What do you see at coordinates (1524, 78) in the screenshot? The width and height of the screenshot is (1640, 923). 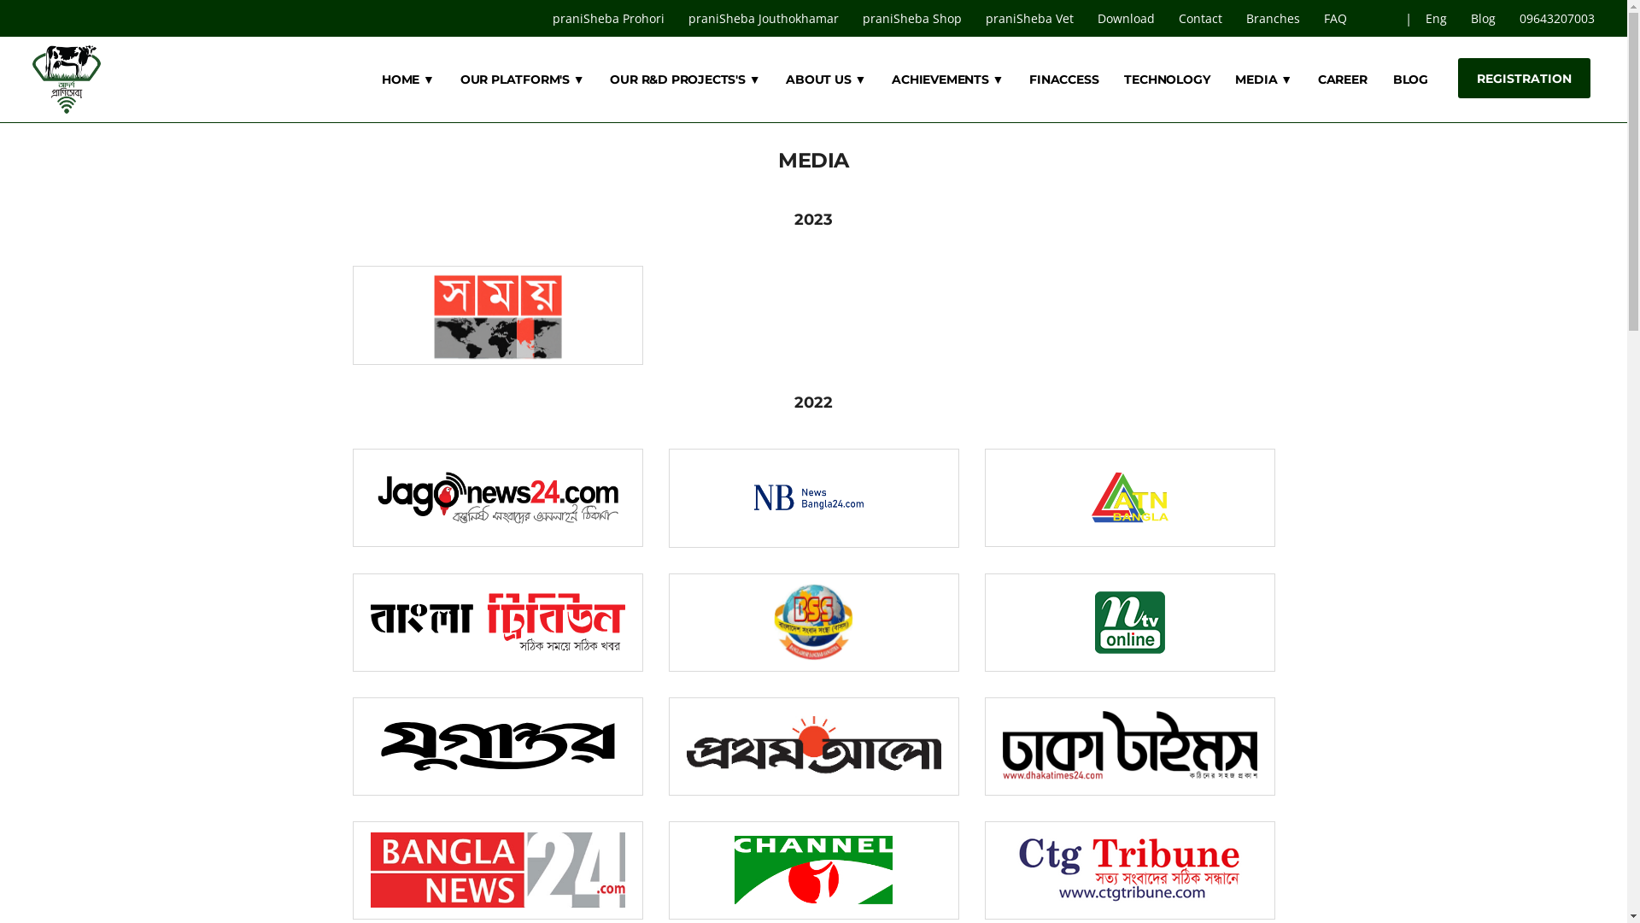 I see `'REGISTRATION'` at bounding box center [1524, 78].